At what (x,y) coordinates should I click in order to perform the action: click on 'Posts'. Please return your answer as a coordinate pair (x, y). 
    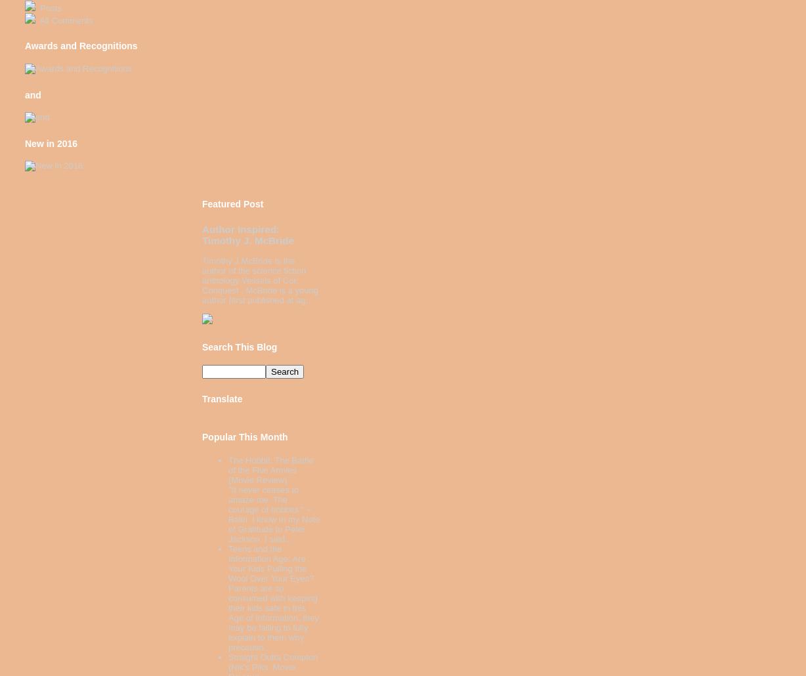
    Looking at the image, I should click on (49, 7).